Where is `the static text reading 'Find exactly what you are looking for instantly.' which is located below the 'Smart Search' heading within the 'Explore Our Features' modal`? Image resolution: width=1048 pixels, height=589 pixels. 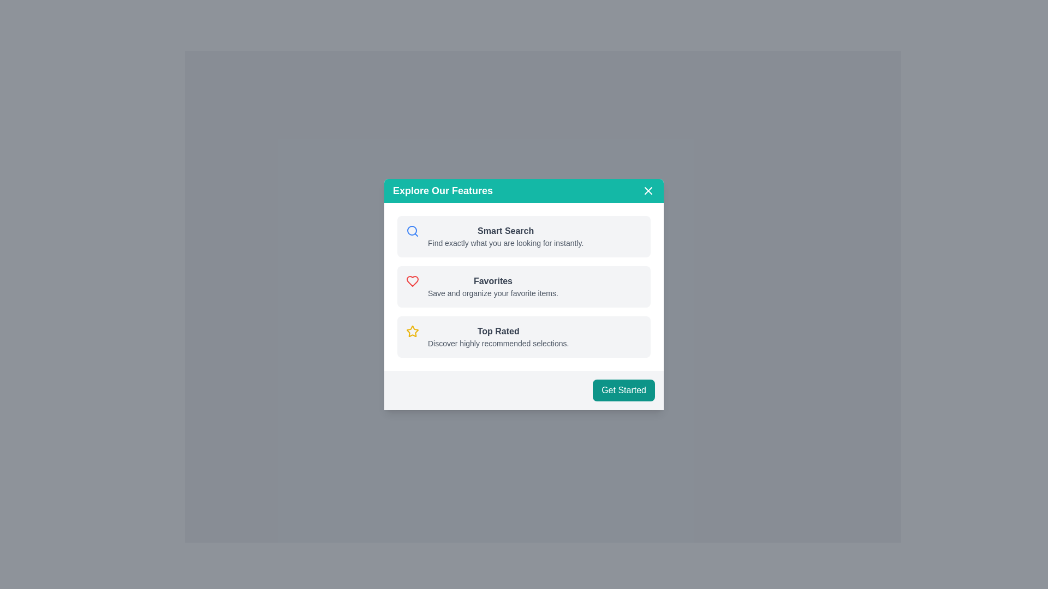
the static text reading 'Find exactly what you are looking for instantly.' which is located below the 'Smart Search' heading within the 'Explore Our Features' modal is located at coordinates (505, 243).